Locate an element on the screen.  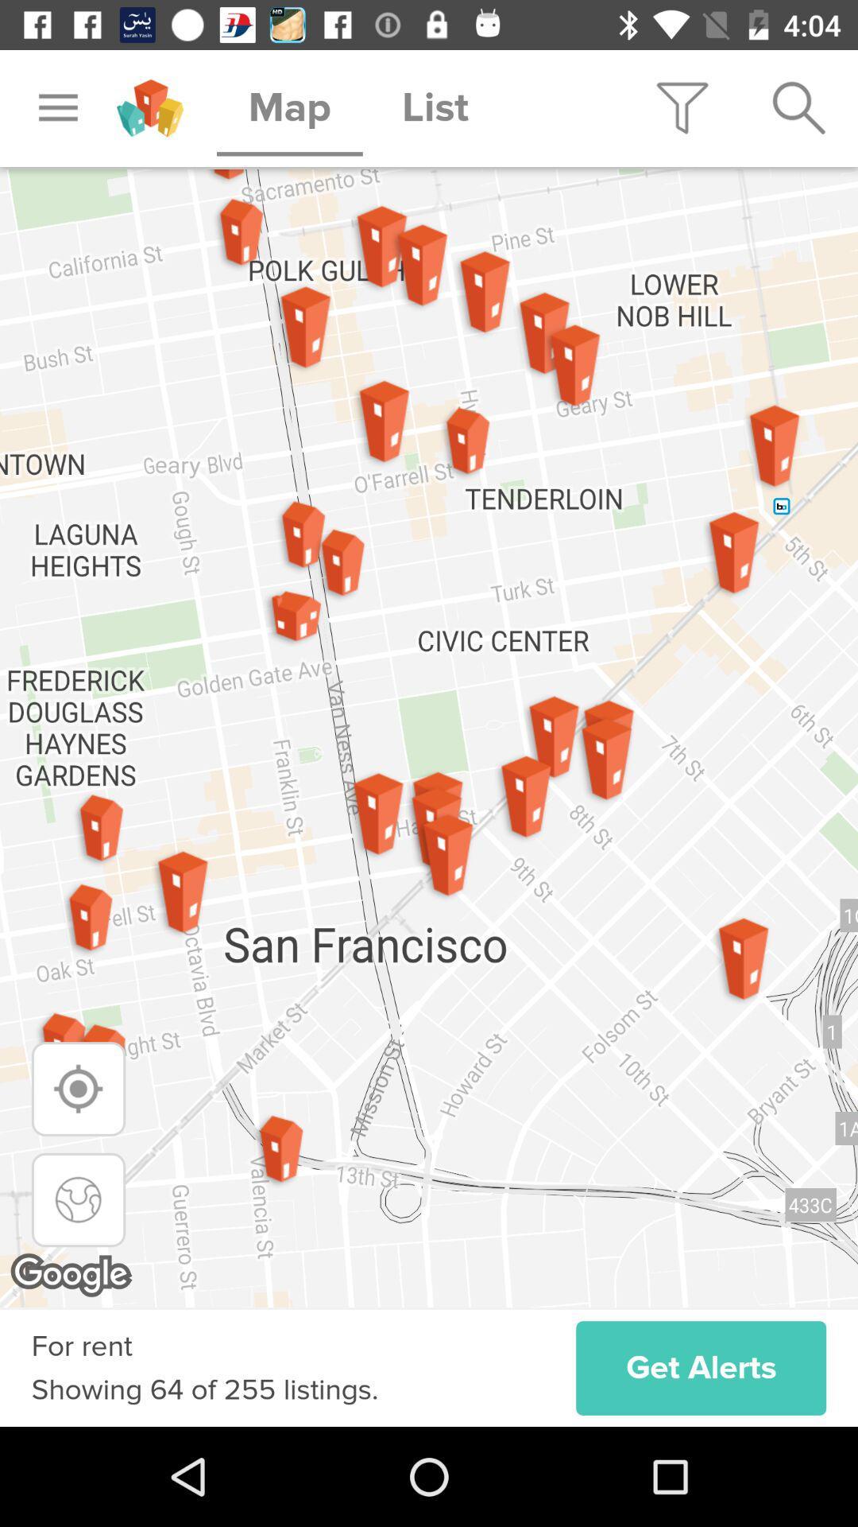
the icon above the get alerts icon is located at coordinates (429, 737).